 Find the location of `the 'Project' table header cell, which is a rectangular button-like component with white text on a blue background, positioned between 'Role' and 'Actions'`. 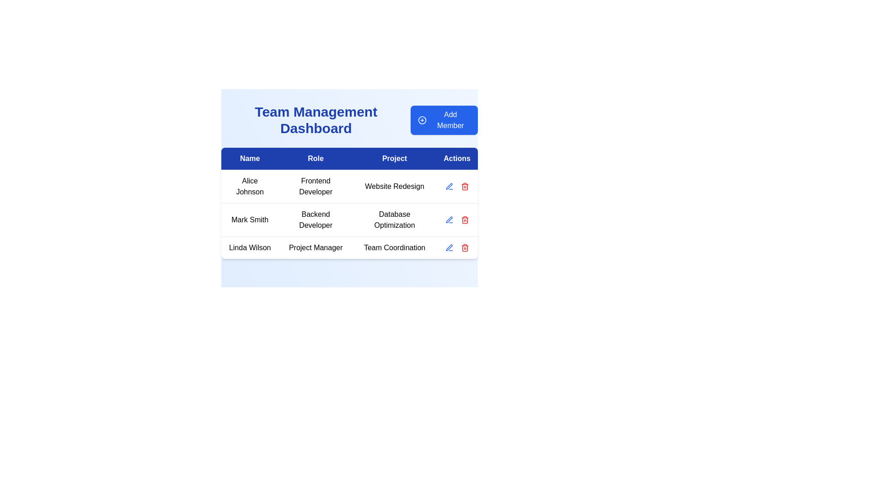

the 'Project' table header cell, which is a rectangular button-like component with white text on a blue background, positioned between 'Role' and 'Actions' is located at coordinates (395, 158).